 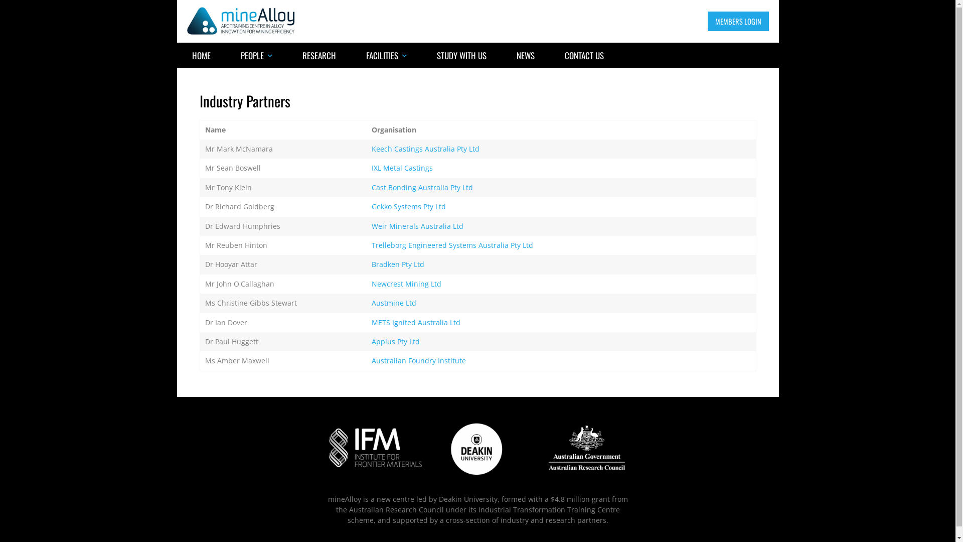 What do you see at coordinates (425, 149) in the screenshot?
I see `'Keech Castings Australia Pty Ltd'` at bounding box center [425, 149].